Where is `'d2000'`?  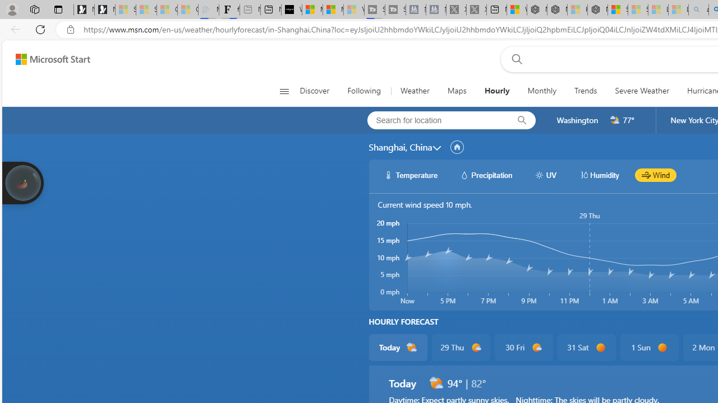
'd2000' is located at coordinates (435, 383).